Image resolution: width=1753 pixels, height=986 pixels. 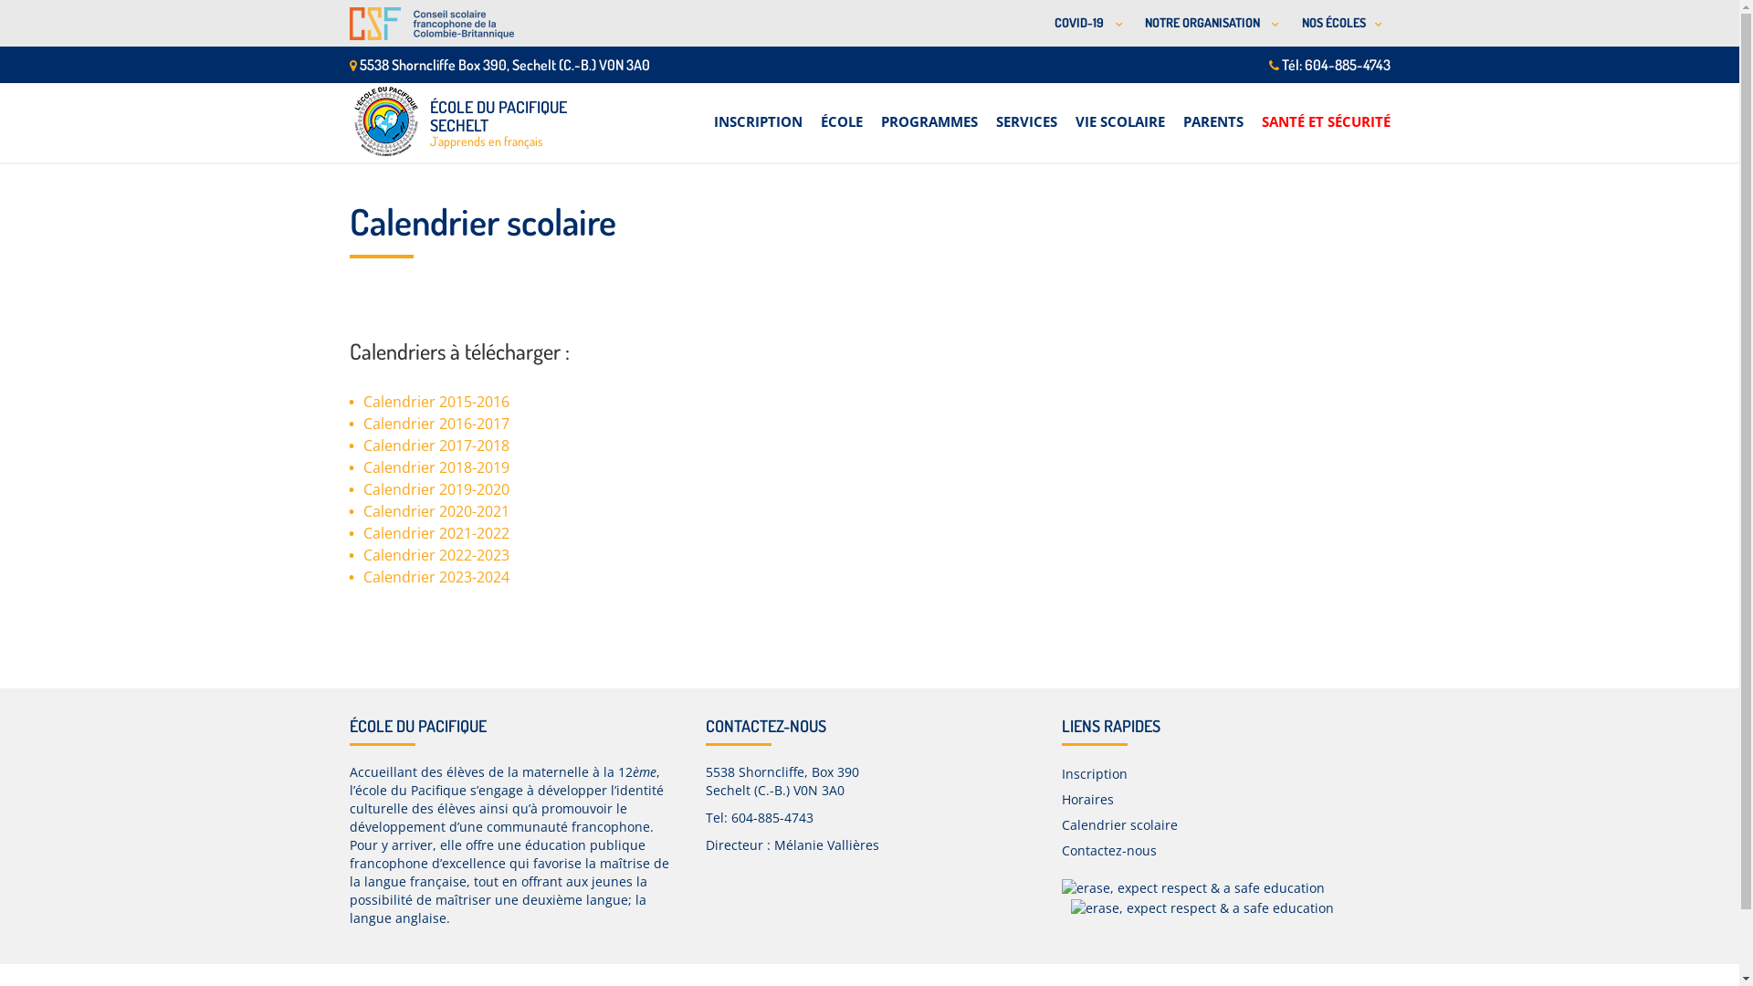 What do you see at coordinates (436, 554) in the screenshot?
I see `'Calendrier 2022-2023'` at bounding box center [436, 554].